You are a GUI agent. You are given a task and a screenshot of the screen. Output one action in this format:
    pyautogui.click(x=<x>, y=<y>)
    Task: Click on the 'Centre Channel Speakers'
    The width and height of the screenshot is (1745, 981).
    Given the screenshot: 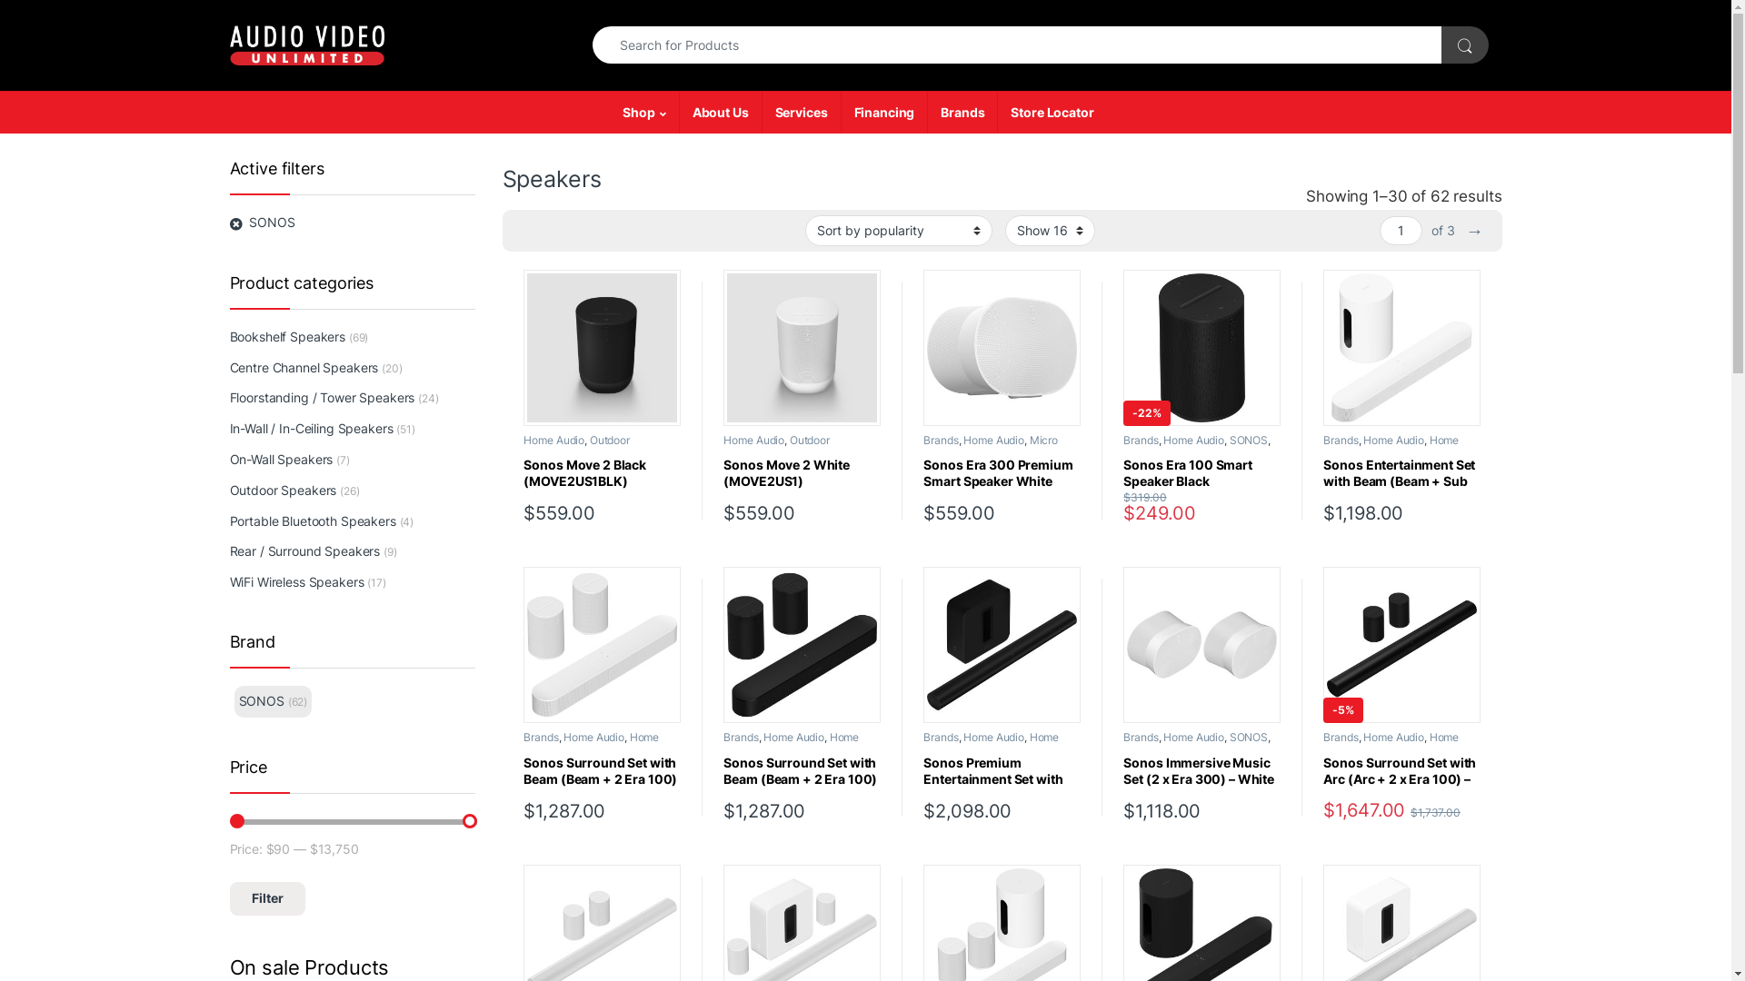 What is the action you would take?
    pyautogui.click(x=304, y=368)
    